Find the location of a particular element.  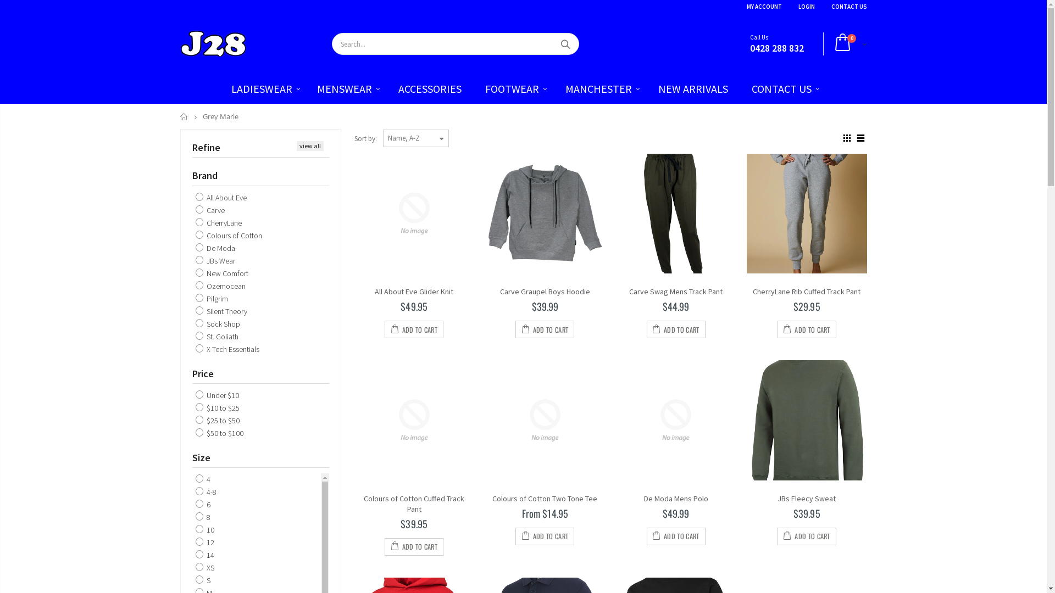

'$10 to $25' is located at coordinates (217, 408).